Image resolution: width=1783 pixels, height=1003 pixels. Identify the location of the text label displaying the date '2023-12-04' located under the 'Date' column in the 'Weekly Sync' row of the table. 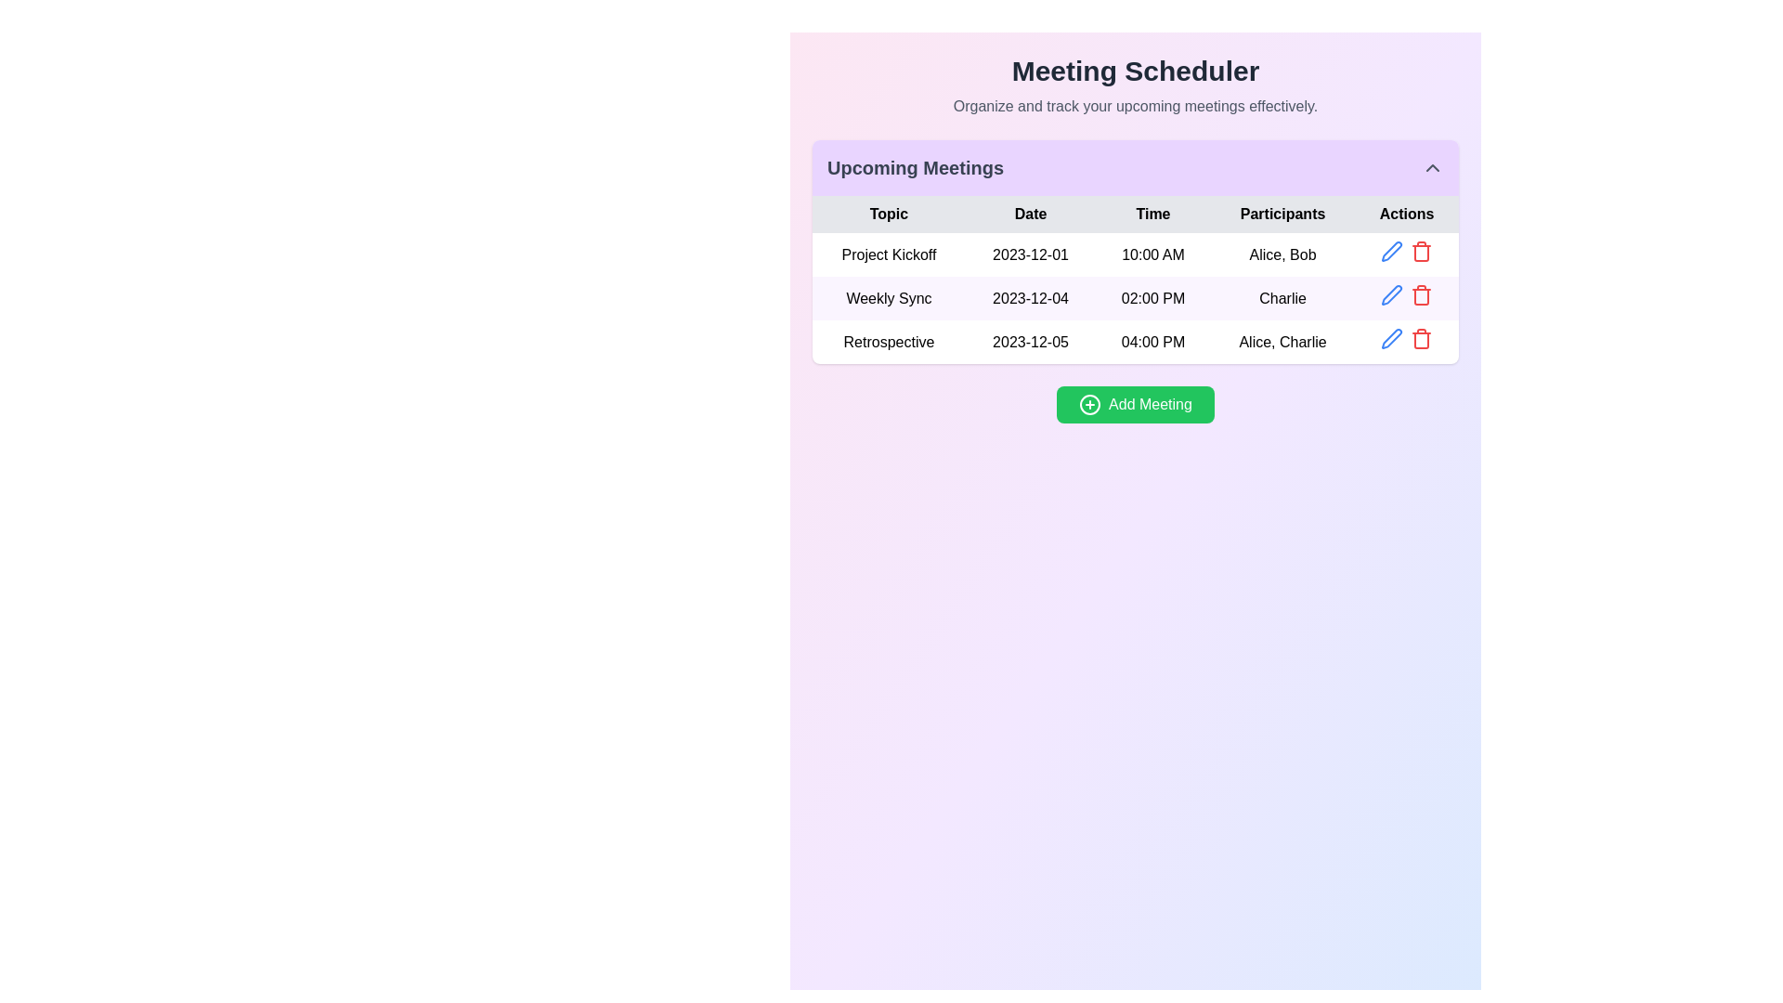
(1029, 297).